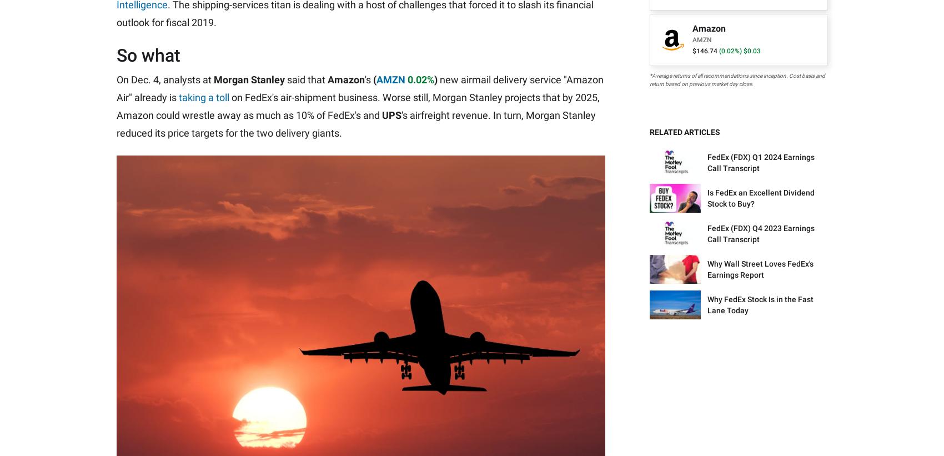 This screenshot has height=456, width=944. Describe the element at coordinates (369, 299) in the screenshot. I see `'Accessibility Policy'` at that location.